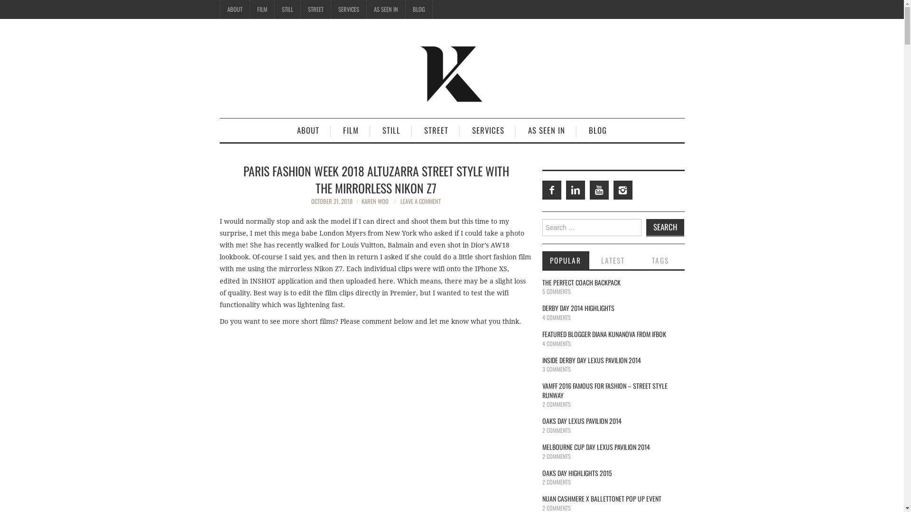  Describe the element at coordinates (601, 498) in the screenshot. I see `'NUAN CASHMERE X BALLETTONET POP UP EVENT'` at that location.